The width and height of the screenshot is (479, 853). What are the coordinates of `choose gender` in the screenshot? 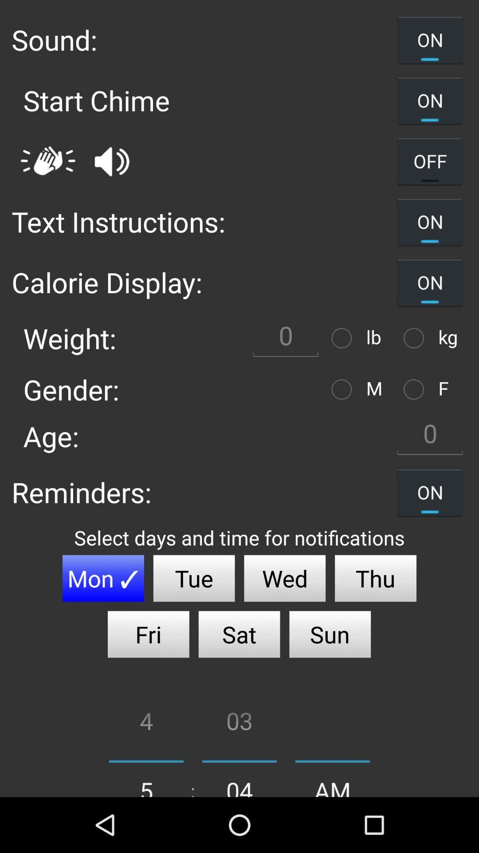 It's located at (343, 389).